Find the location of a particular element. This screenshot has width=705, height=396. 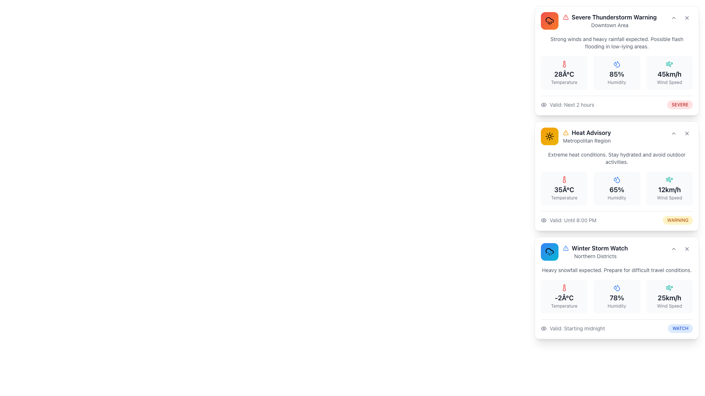

the 'Humidity' text label, which is a small gray label located beneath the '85%' humidity percentage in the weather information card is located at coordinates (617, 82).